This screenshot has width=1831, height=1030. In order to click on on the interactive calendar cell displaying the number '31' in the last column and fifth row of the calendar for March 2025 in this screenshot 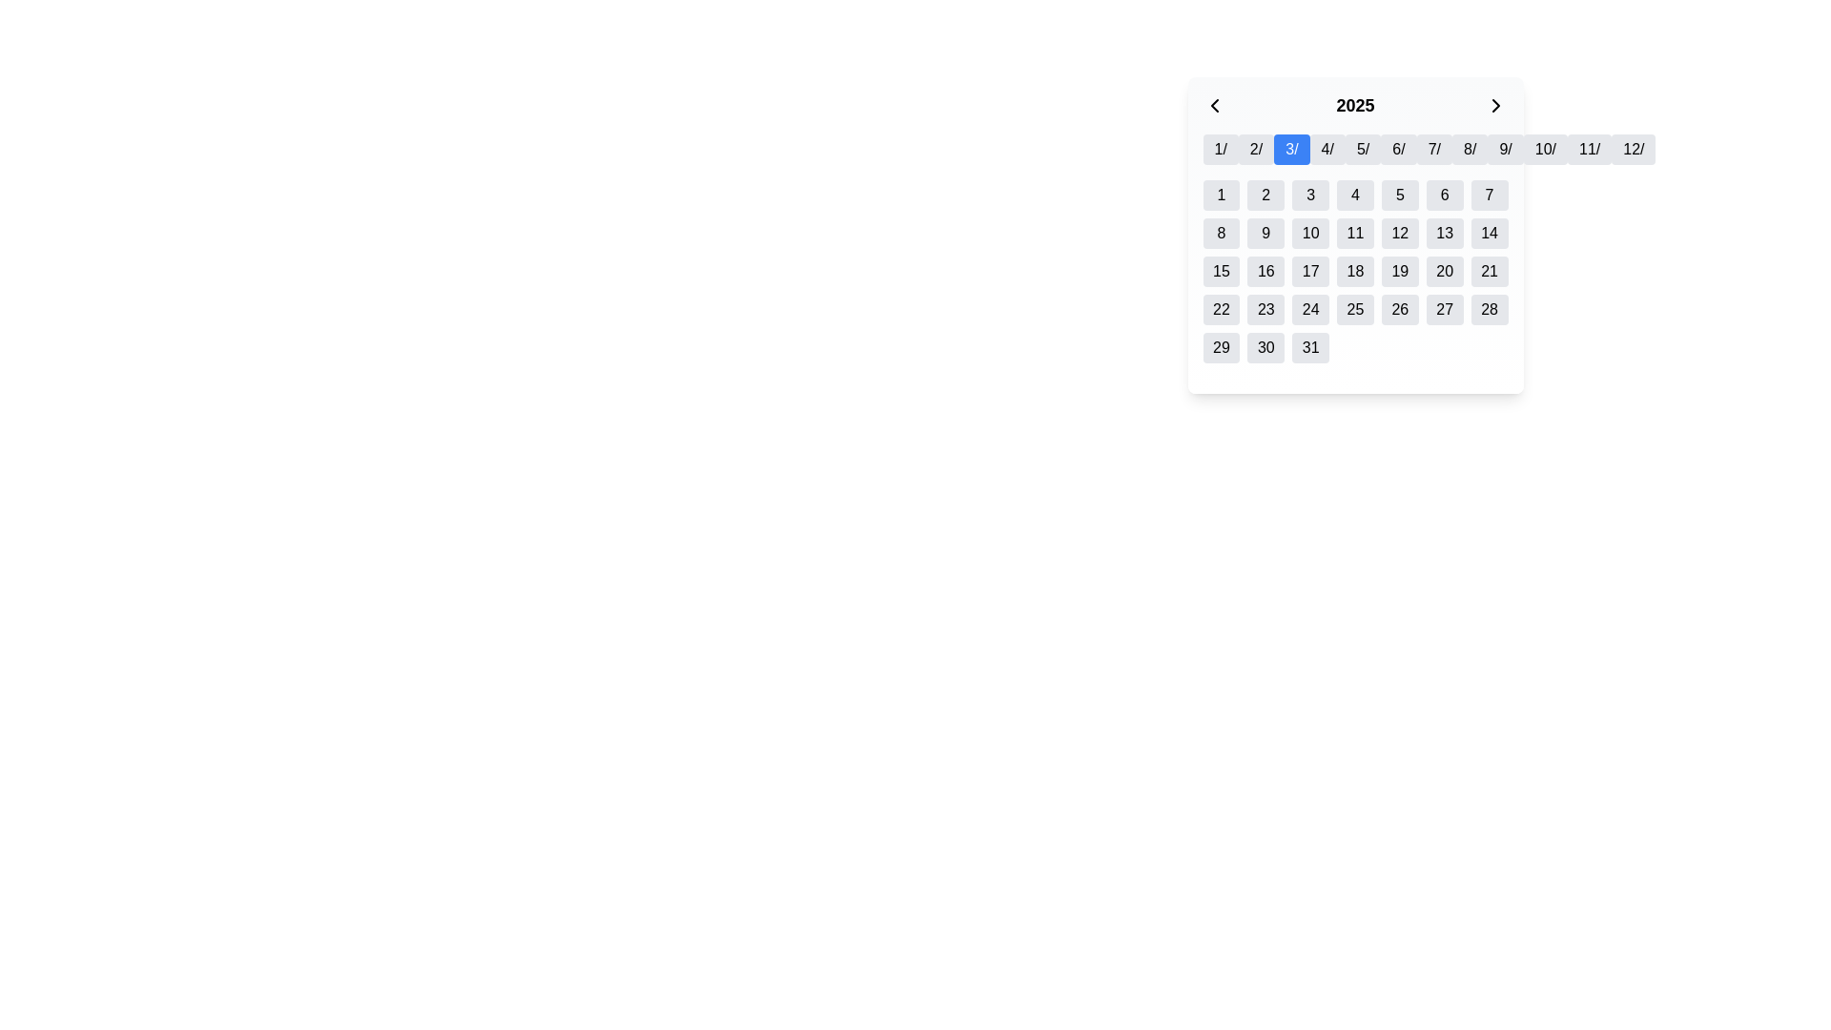, I will do `click(1309, 348)`.